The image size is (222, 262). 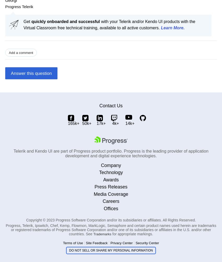 What do you see at coordinates (67, 21) in the screenshot?
I see `'uickly onboarded and successful'` at bounding box center [67, 21].